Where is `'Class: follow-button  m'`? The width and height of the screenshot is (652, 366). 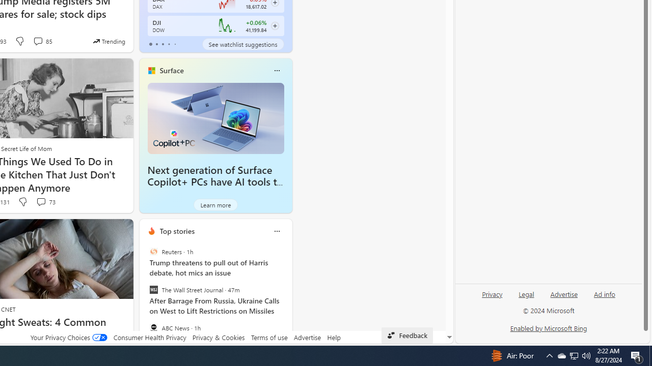
'Class: follow-button  m' is located at coordinates (275, 25).